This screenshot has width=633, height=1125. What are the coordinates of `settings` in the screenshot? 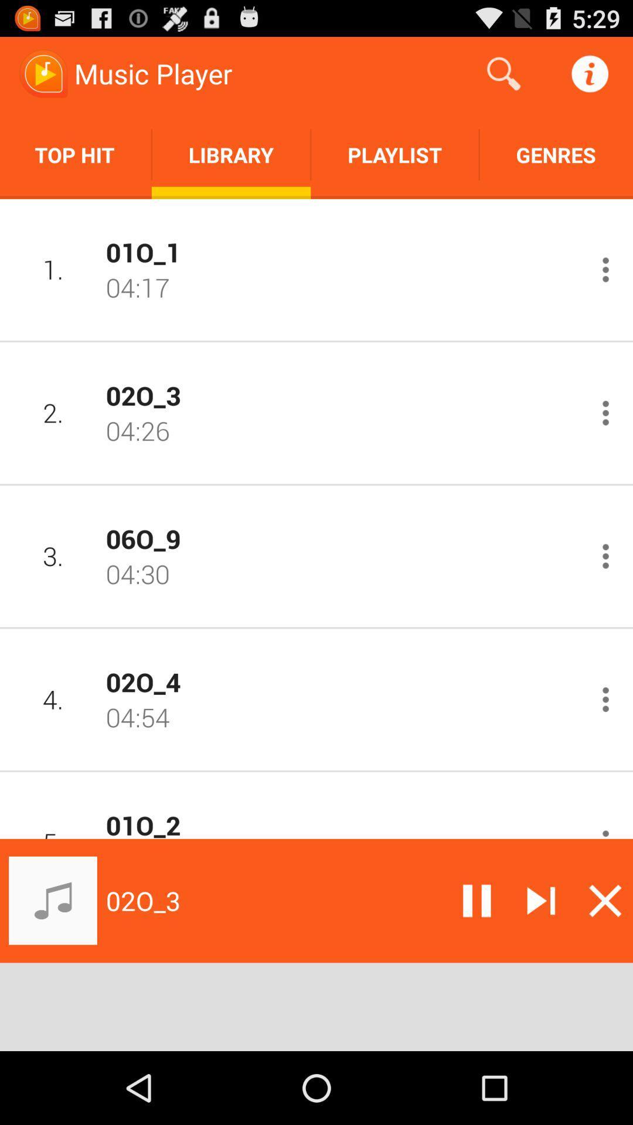 It's located at (605, 413).